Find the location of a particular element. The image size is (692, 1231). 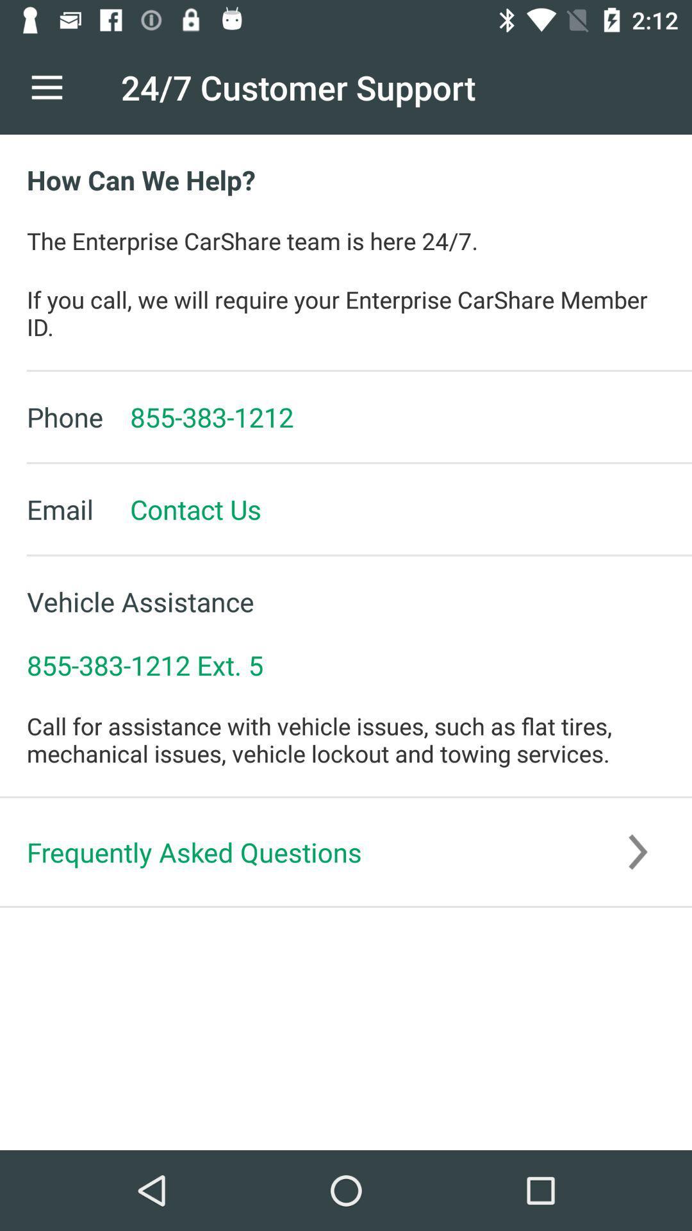

icon next to email icon is located at coordinates (182, 508).